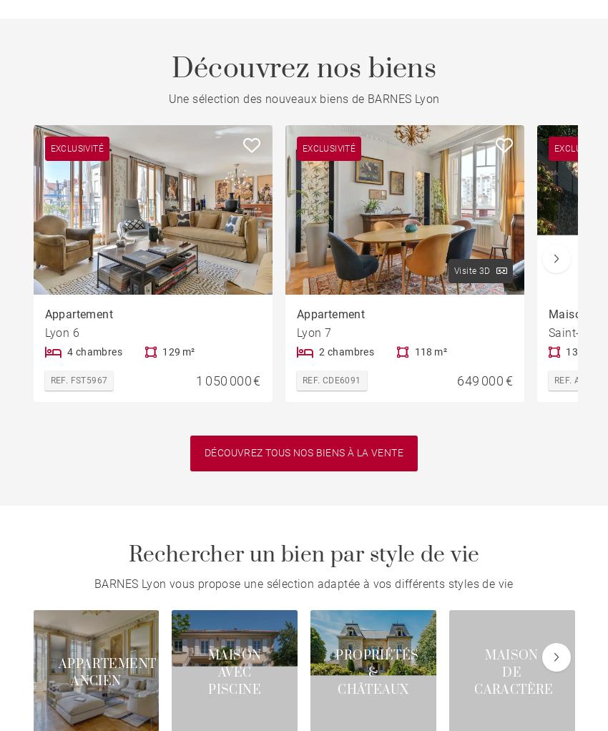  I want to click on 'REF. CDE6091', so click(302, 379).